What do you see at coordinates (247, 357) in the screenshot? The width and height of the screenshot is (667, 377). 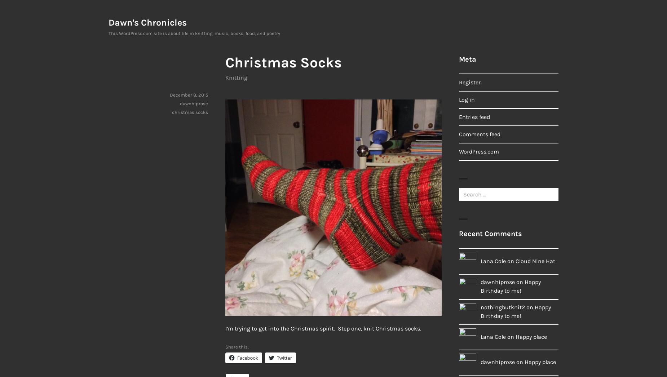 I see `'Facebook'` at bounding box center [247, 357].